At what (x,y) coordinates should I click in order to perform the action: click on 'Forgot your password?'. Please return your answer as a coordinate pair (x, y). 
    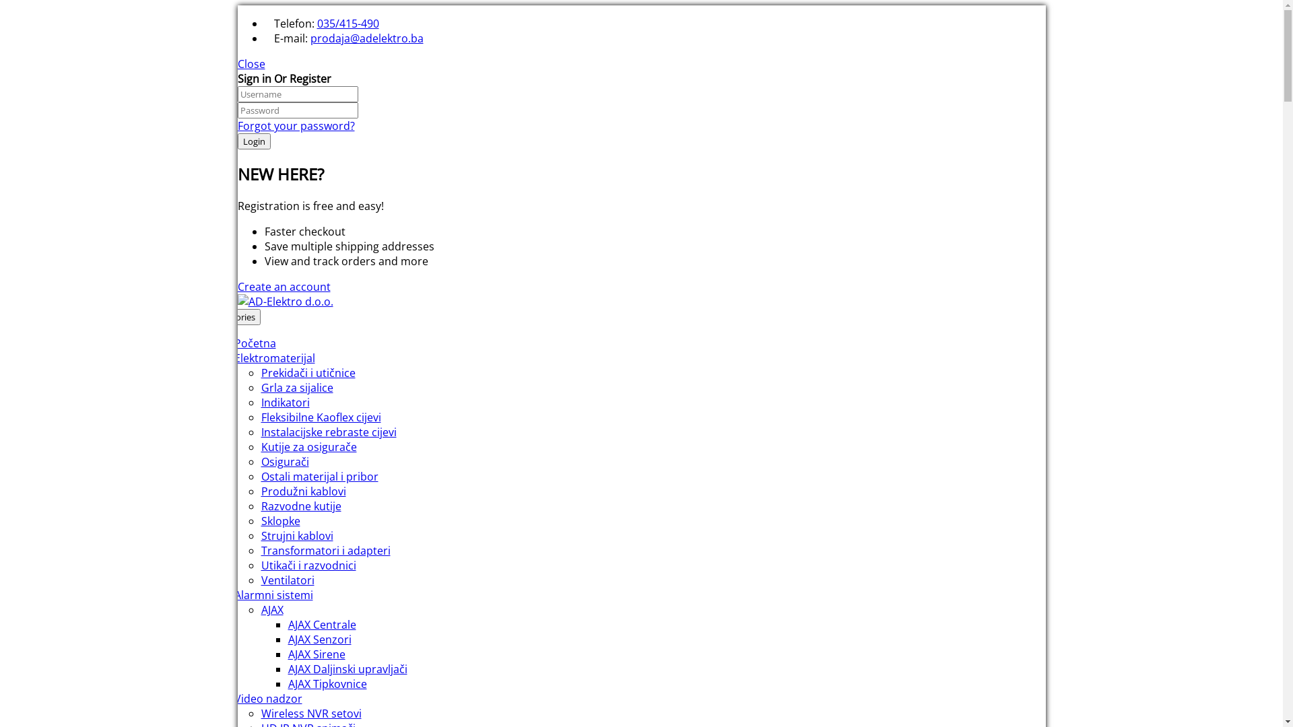
    Looking at the image, I should click on (236, 125).